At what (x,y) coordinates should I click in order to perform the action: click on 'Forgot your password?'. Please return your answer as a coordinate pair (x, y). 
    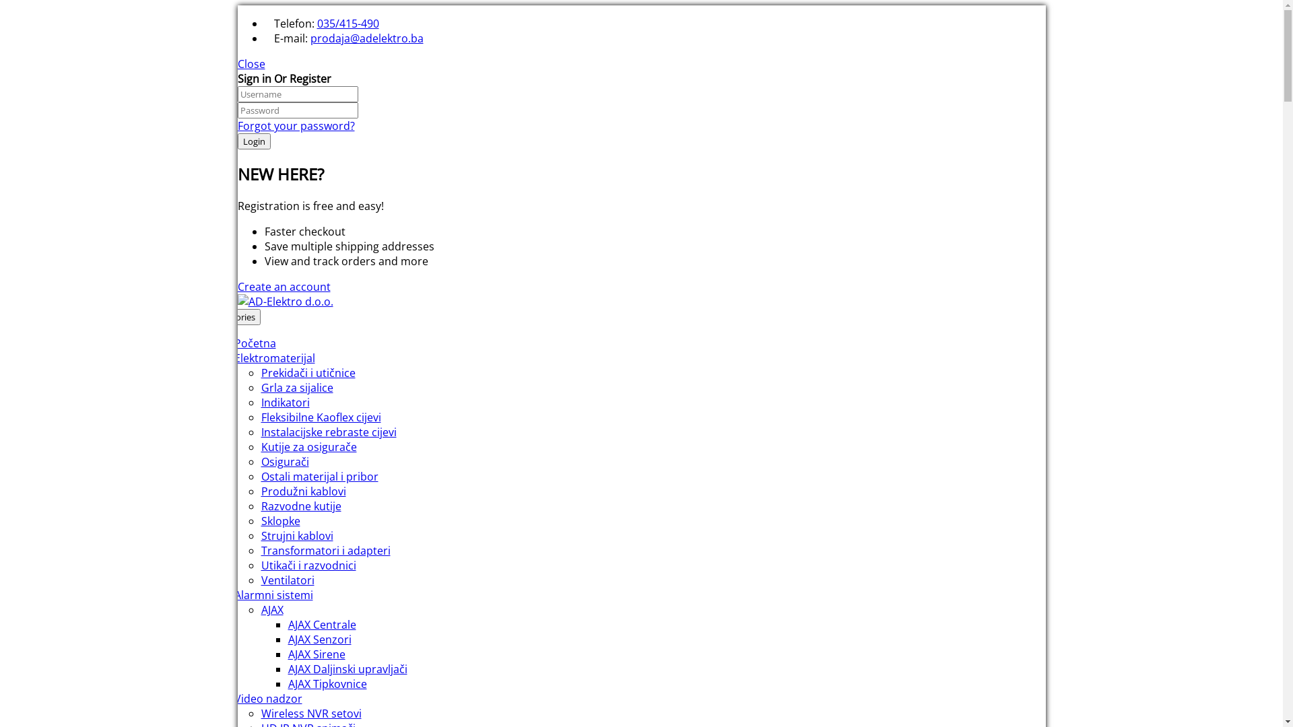
    Looking at the image, I should click on (236, 125).